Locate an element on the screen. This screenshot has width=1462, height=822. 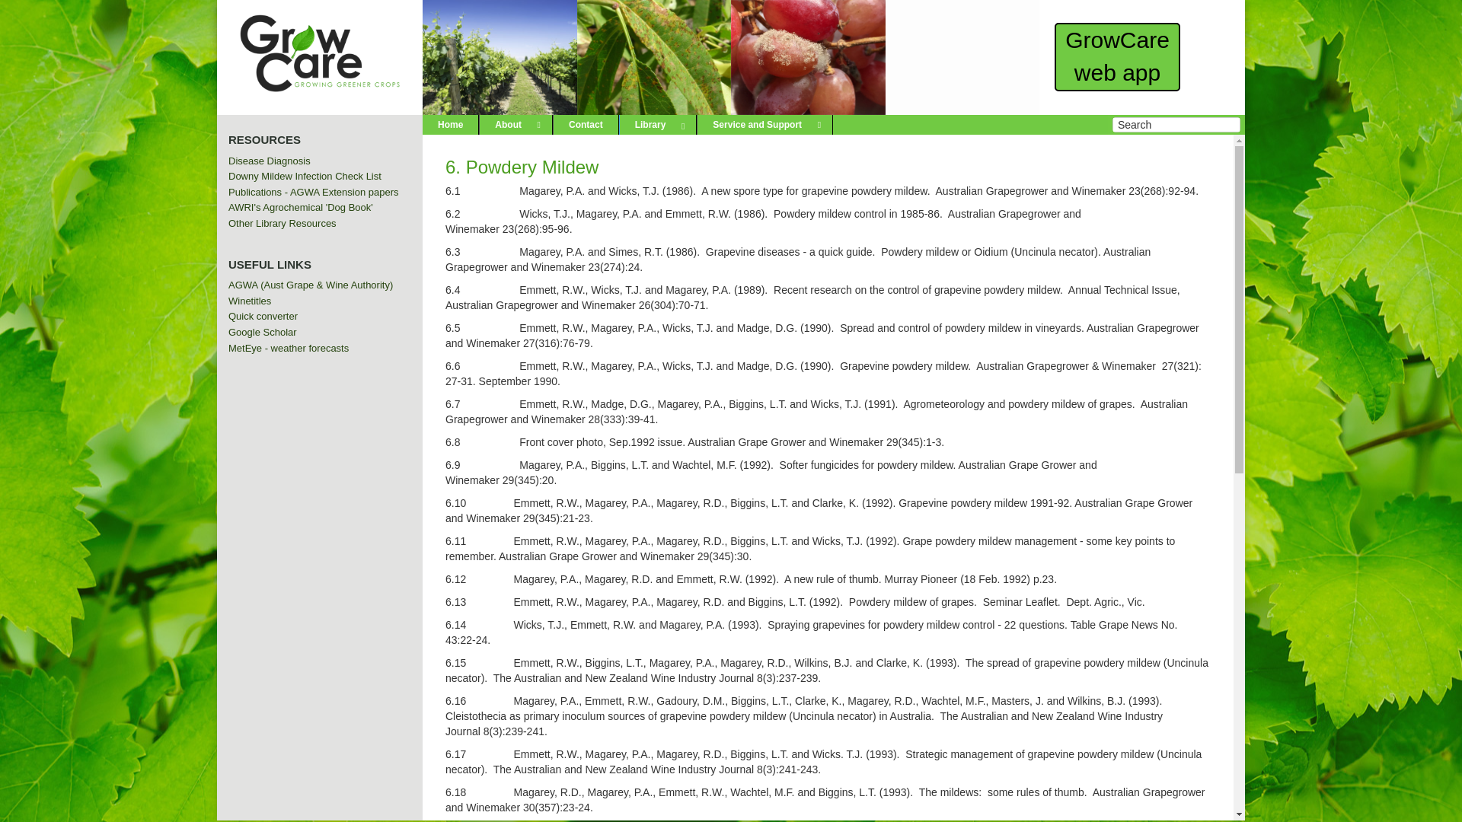
'Service and Support' is located at coordinates (696, 124).